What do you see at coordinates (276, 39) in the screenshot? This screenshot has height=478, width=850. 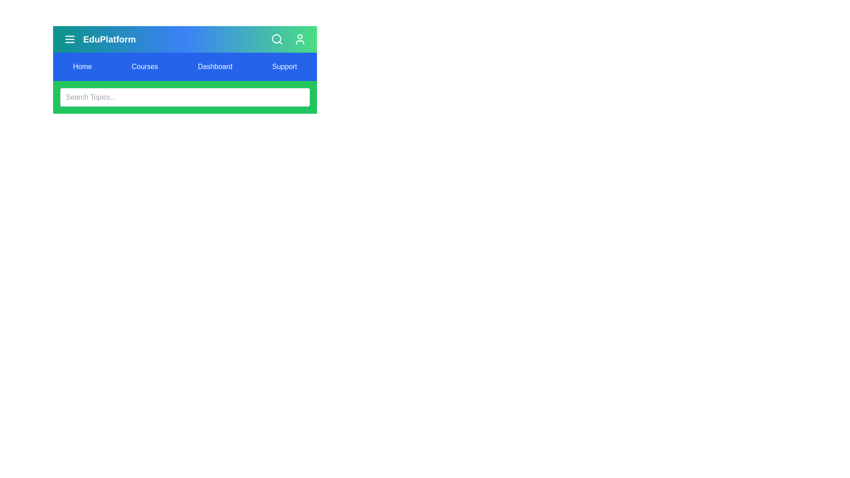 I see `the search icon to toggle the search bar visibility` at bounding box center [276, 39].